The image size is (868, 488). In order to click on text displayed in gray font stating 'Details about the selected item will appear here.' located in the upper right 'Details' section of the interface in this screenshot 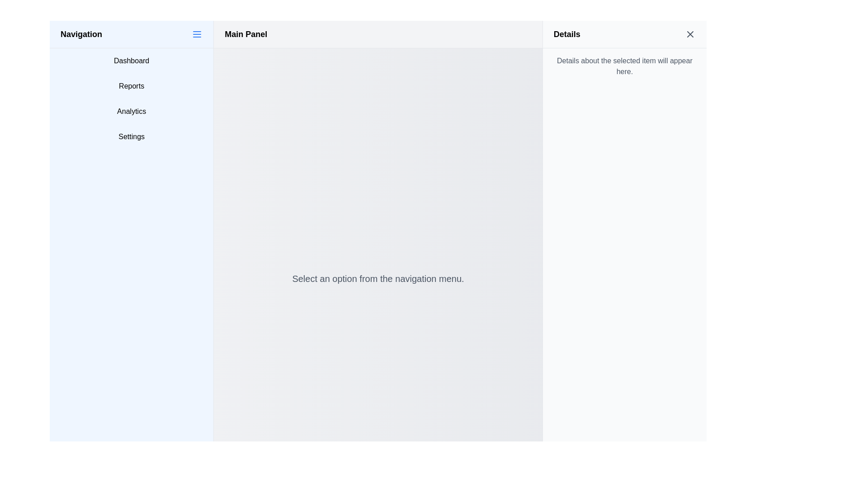, I will do `click(624, 66)`.